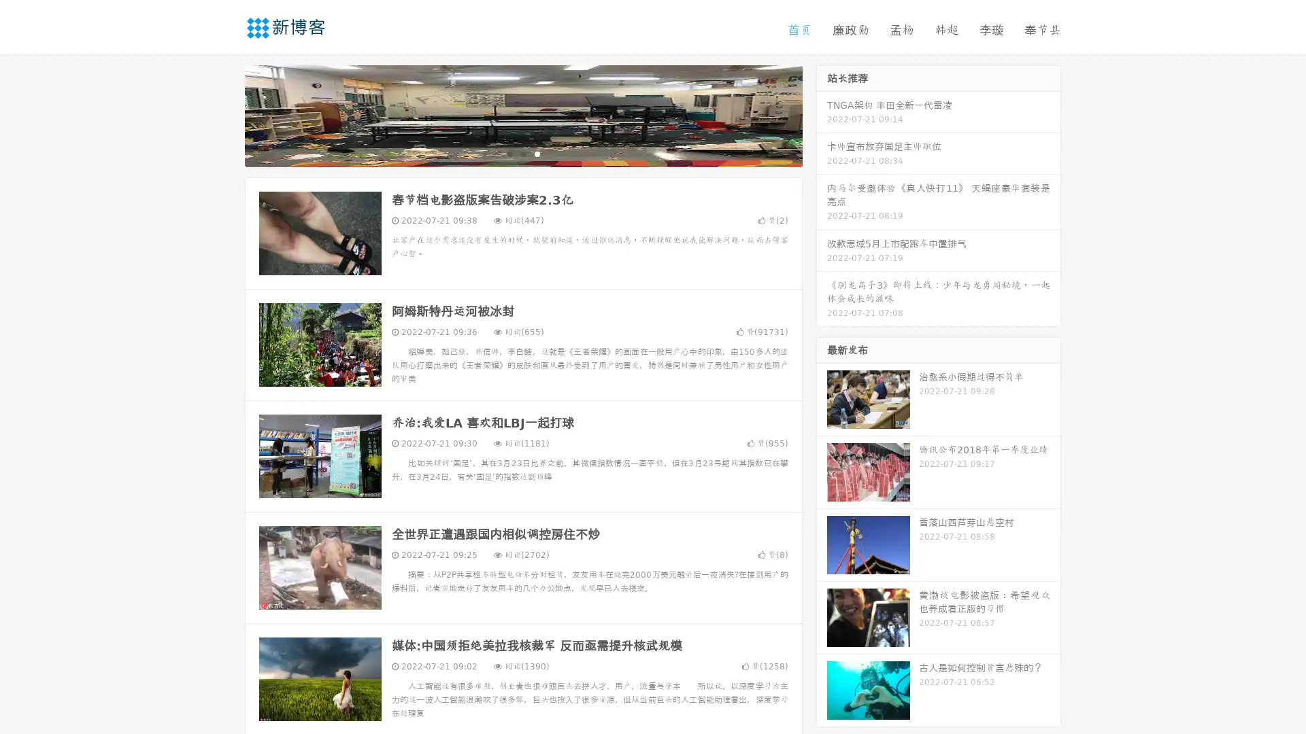 This screenshot has height=734, width=1306. I want to click on Previous slide, so click(224, 114).